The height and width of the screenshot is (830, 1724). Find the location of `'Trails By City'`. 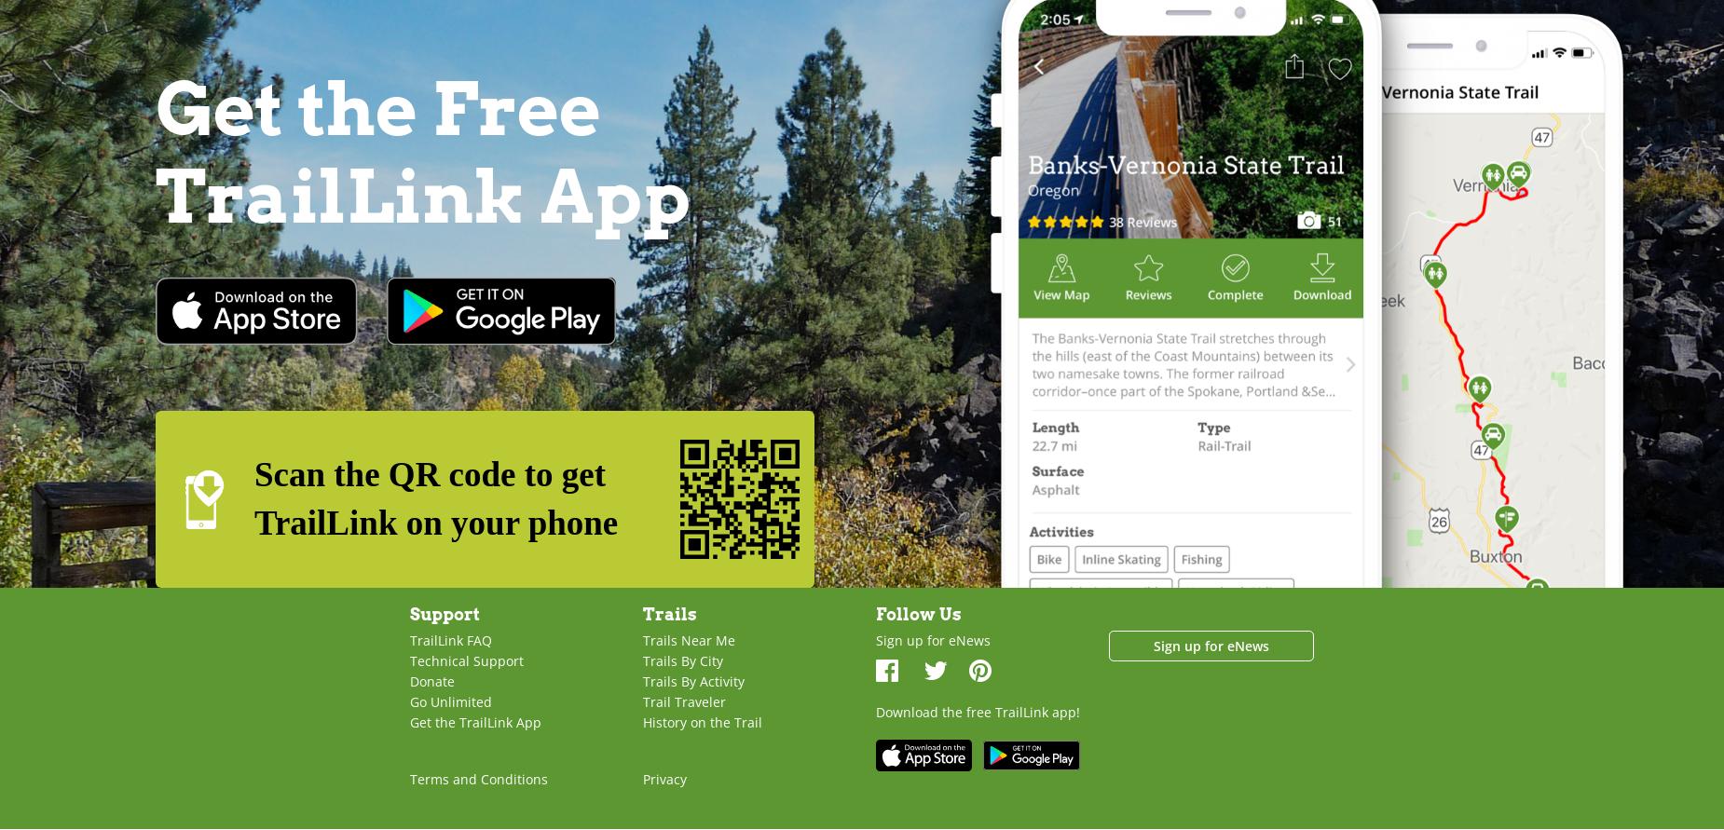

'Trails By City' is located at coordinates (643, 659).